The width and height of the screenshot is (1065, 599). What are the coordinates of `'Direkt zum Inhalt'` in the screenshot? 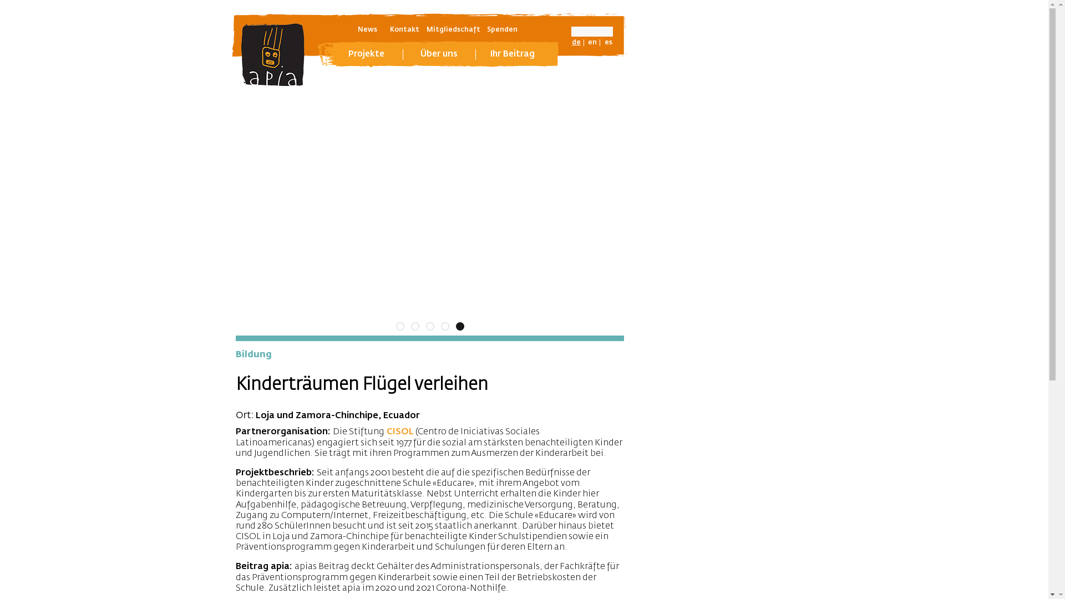 It's located at (0, 0).